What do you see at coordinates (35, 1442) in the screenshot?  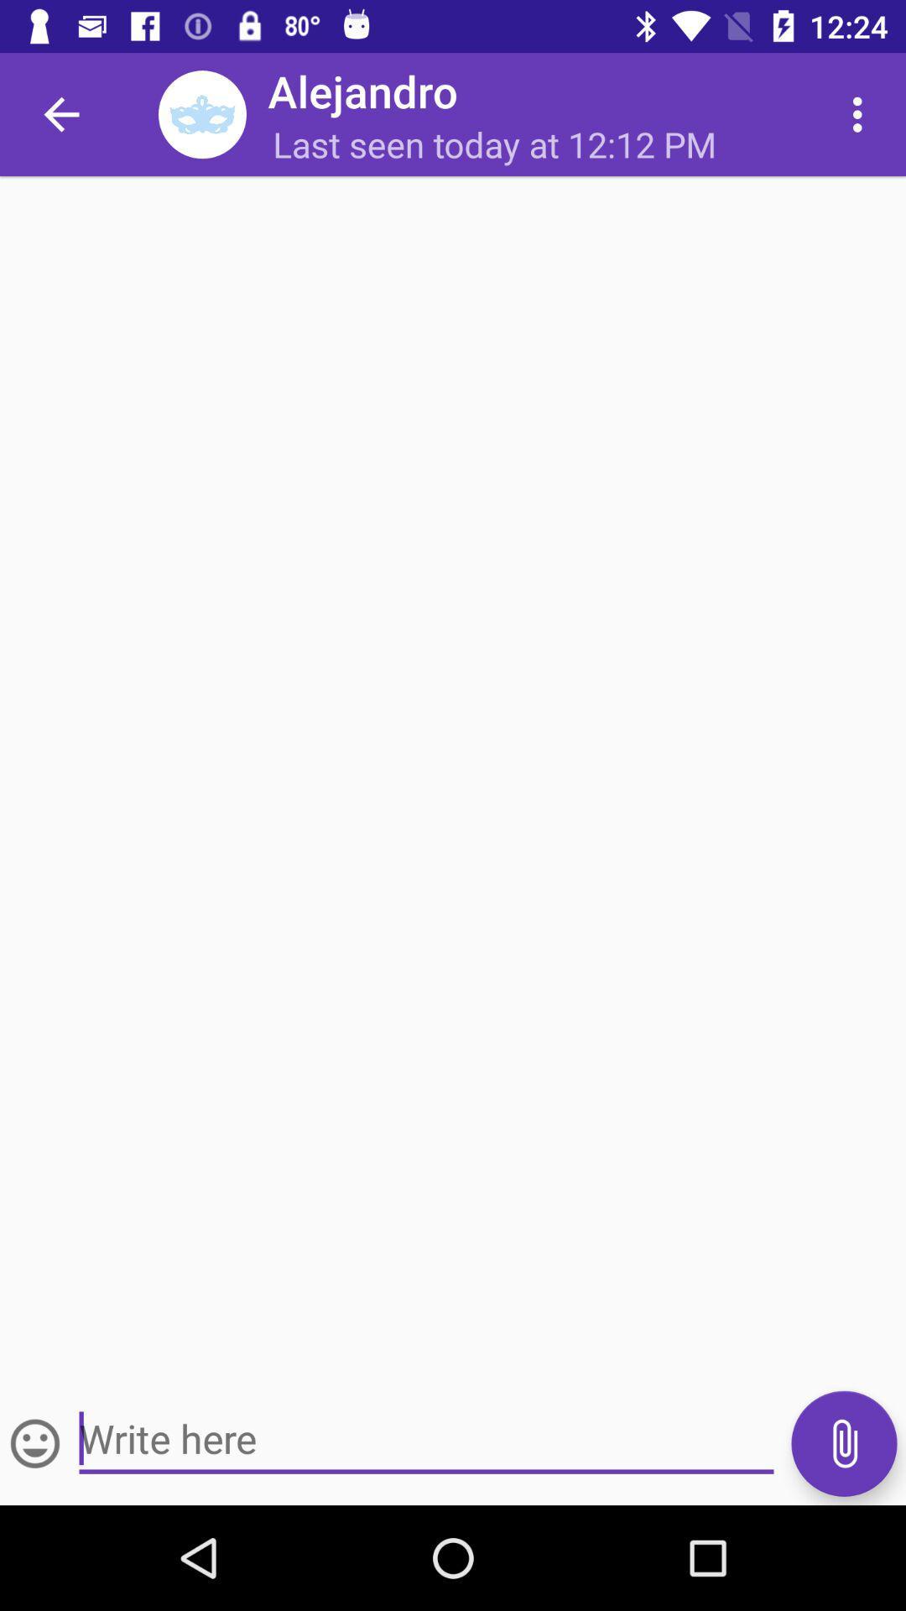 I see `the emoji icon` at bounding box center [35, 1442].